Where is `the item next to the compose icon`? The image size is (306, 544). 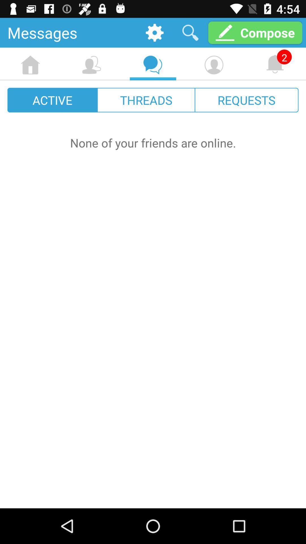
the item next to the compose icon is located at coordinates (190, 32).